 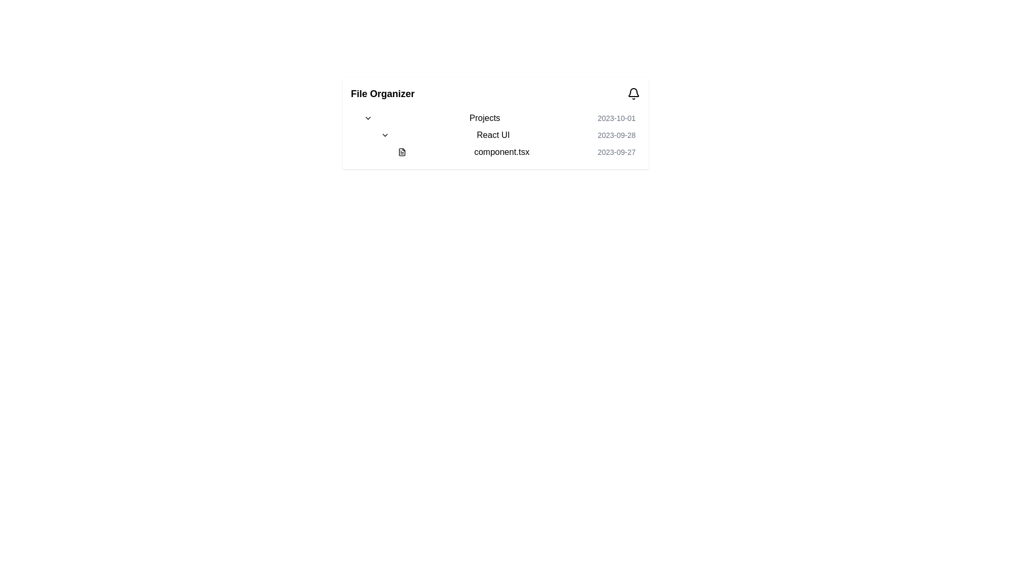 I want to click on the document icon located on the left side of the 'component.tsx' file entry in the file explorer interface, so click(x=401, y=152).